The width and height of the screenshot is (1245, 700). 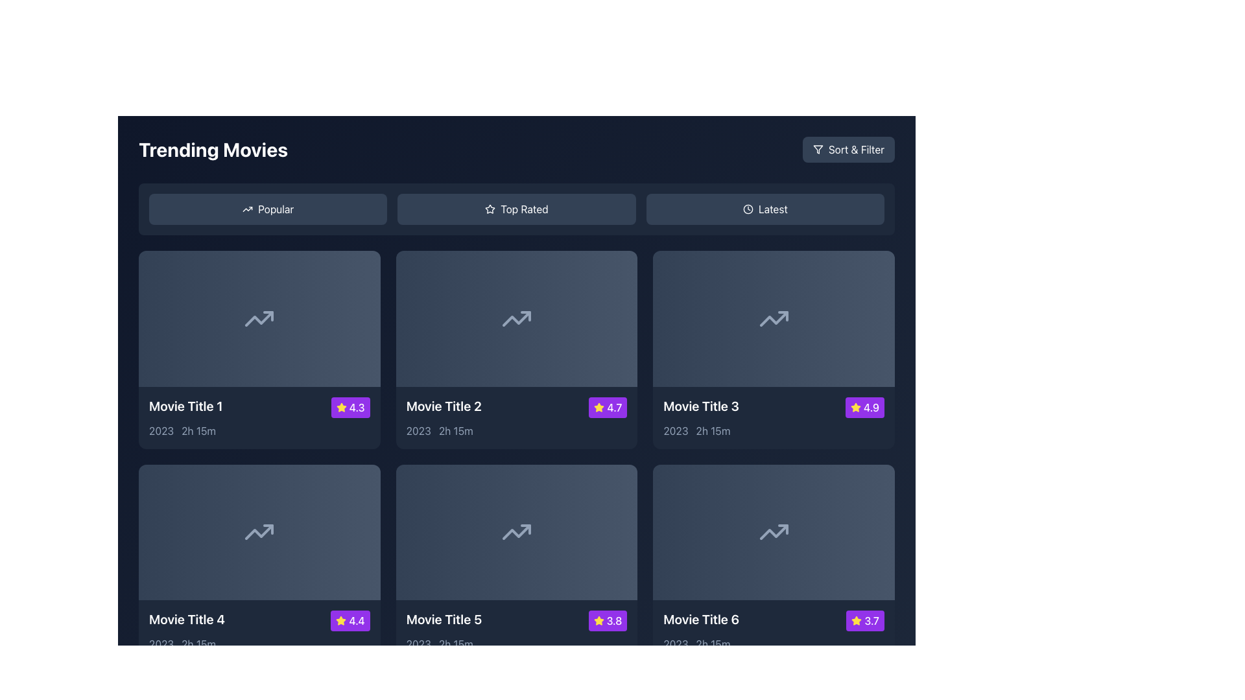 What do you see at coordinates (516, 417) in the screenshot?
I see `the informational card displaying movie details located in the second column of the first row of the grid, below the 'Top Rated' tab` at bounding box center [516, 417].